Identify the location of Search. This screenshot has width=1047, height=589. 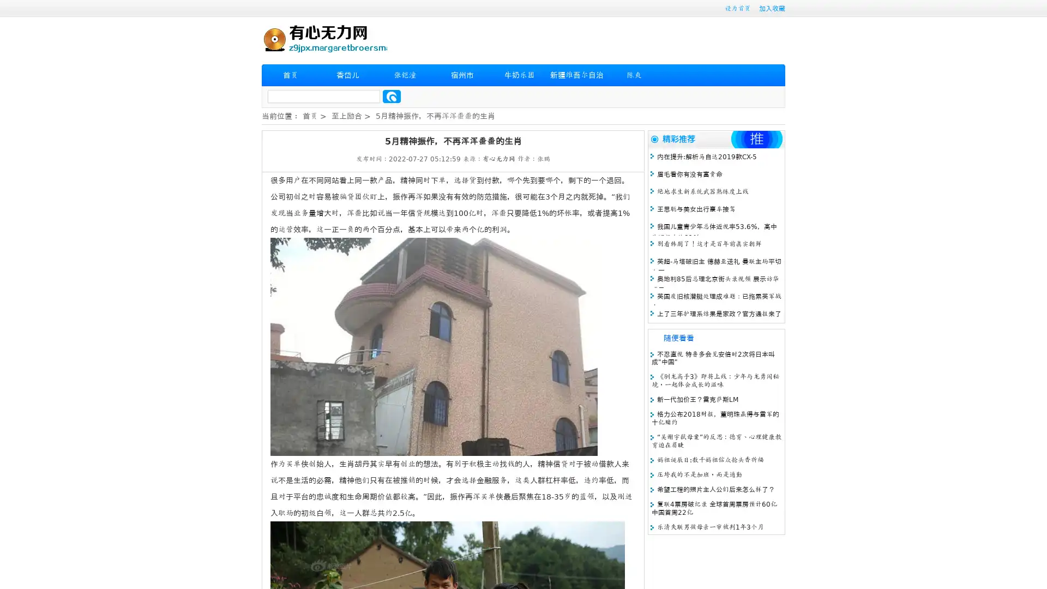
(392, 96).